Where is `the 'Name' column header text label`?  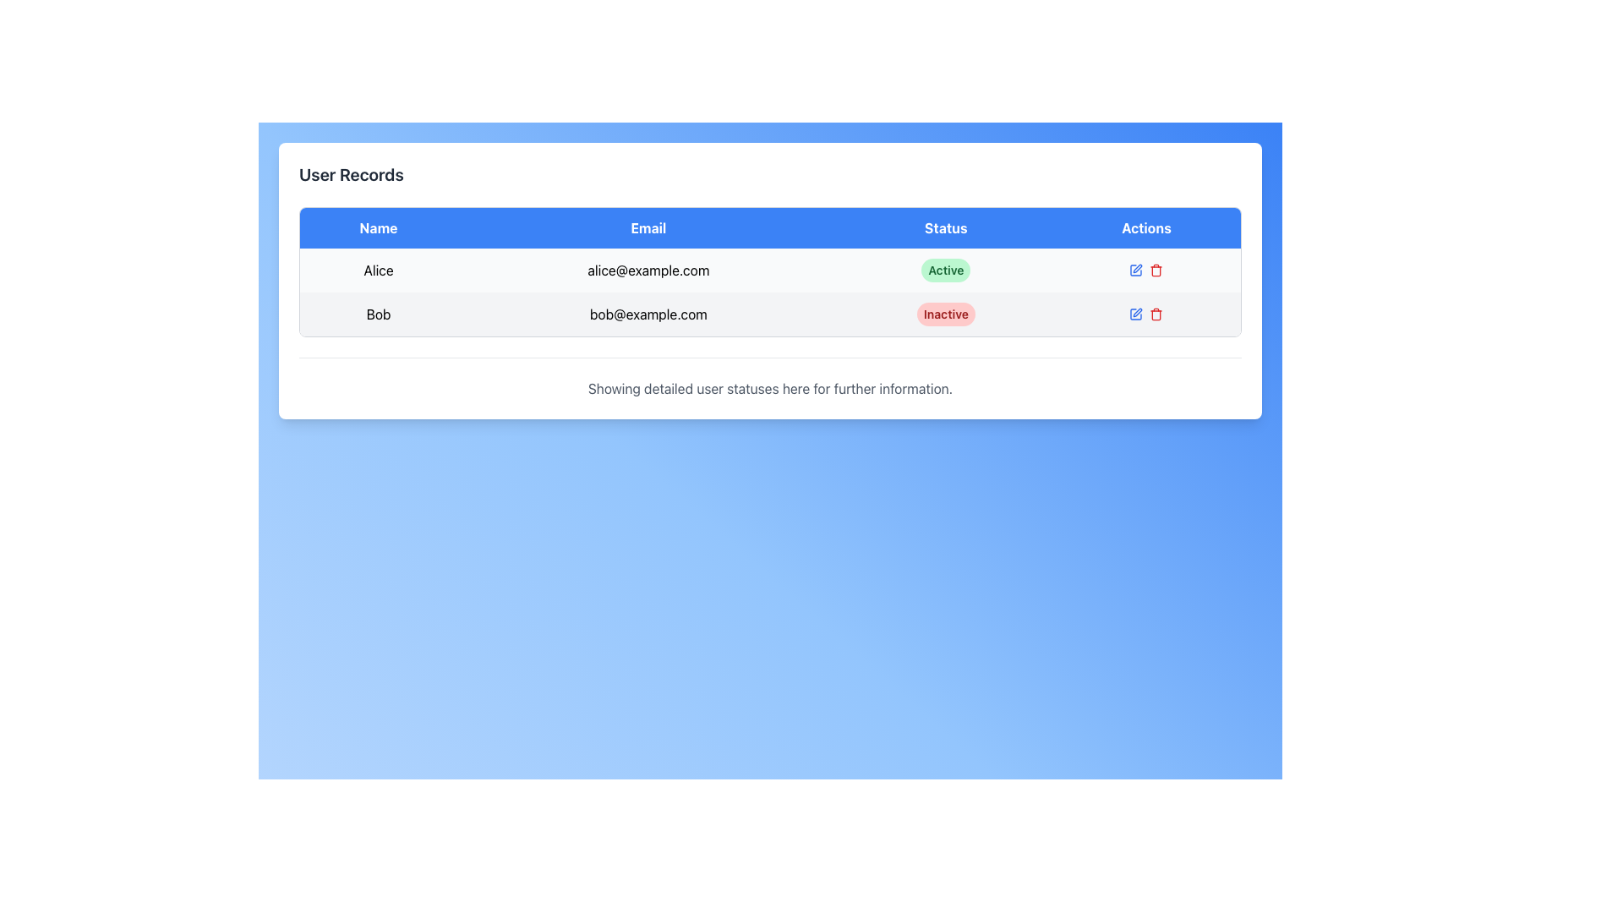 the 'Name' column header text label is located at coordinates (377, 228).